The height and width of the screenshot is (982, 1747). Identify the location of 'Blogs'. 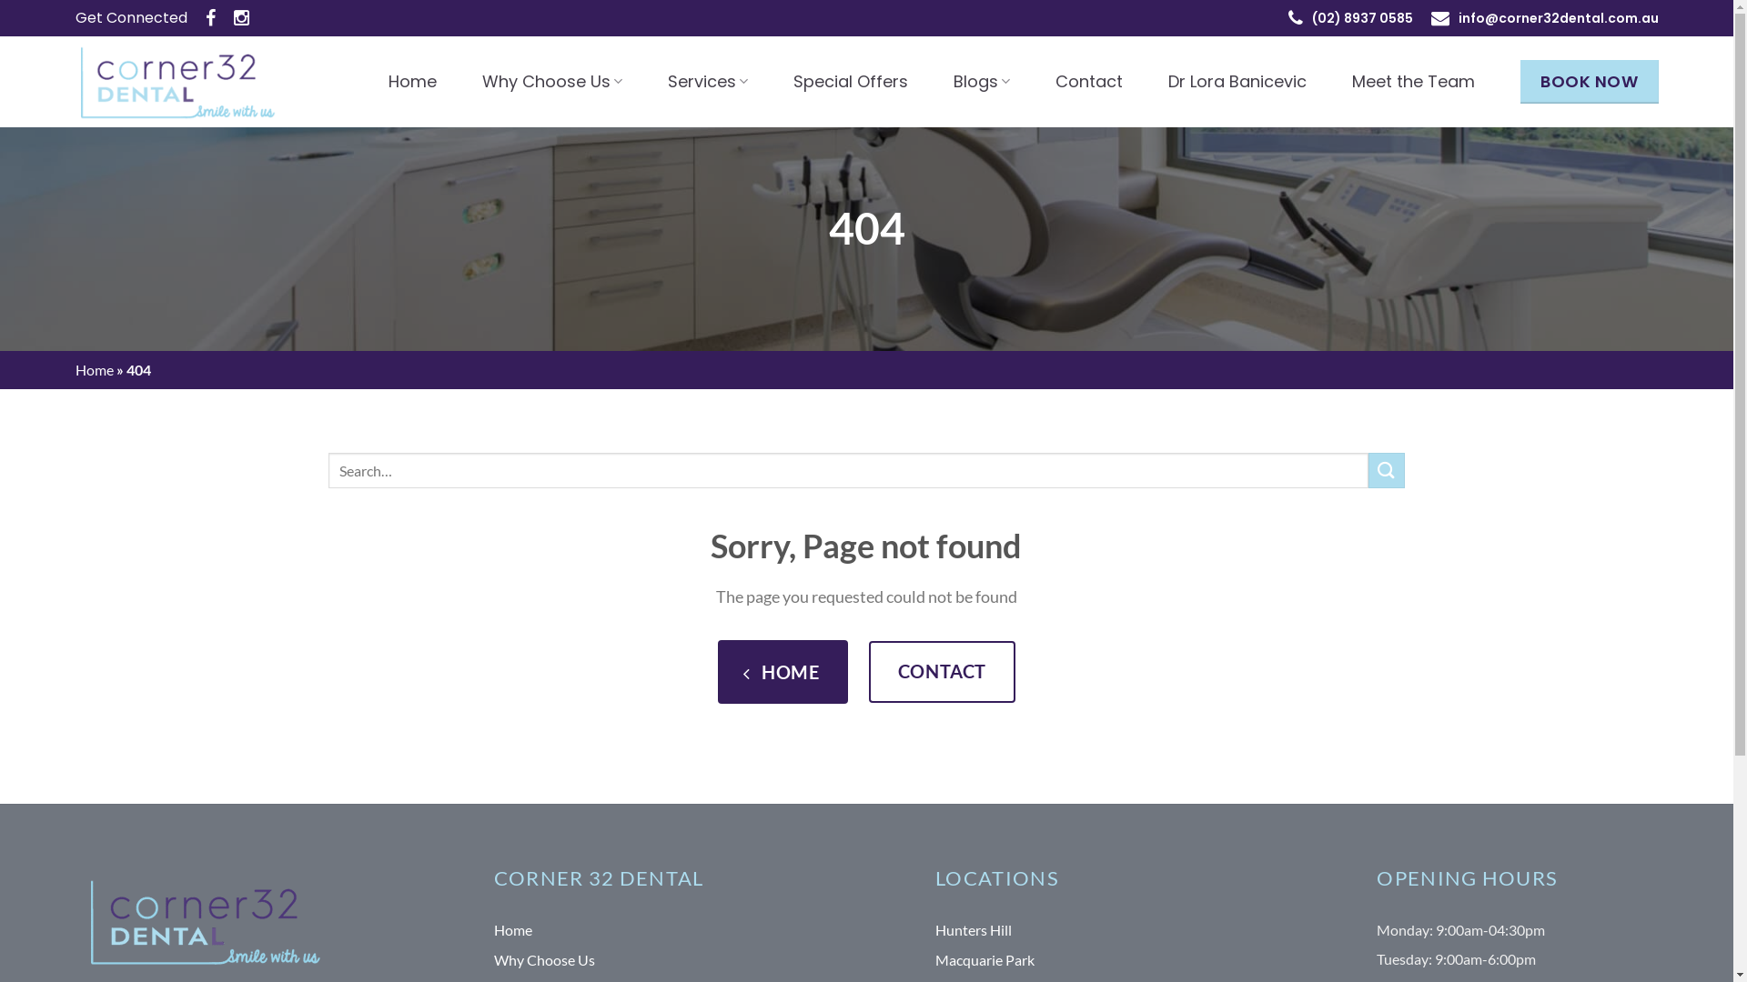
(981, 80).